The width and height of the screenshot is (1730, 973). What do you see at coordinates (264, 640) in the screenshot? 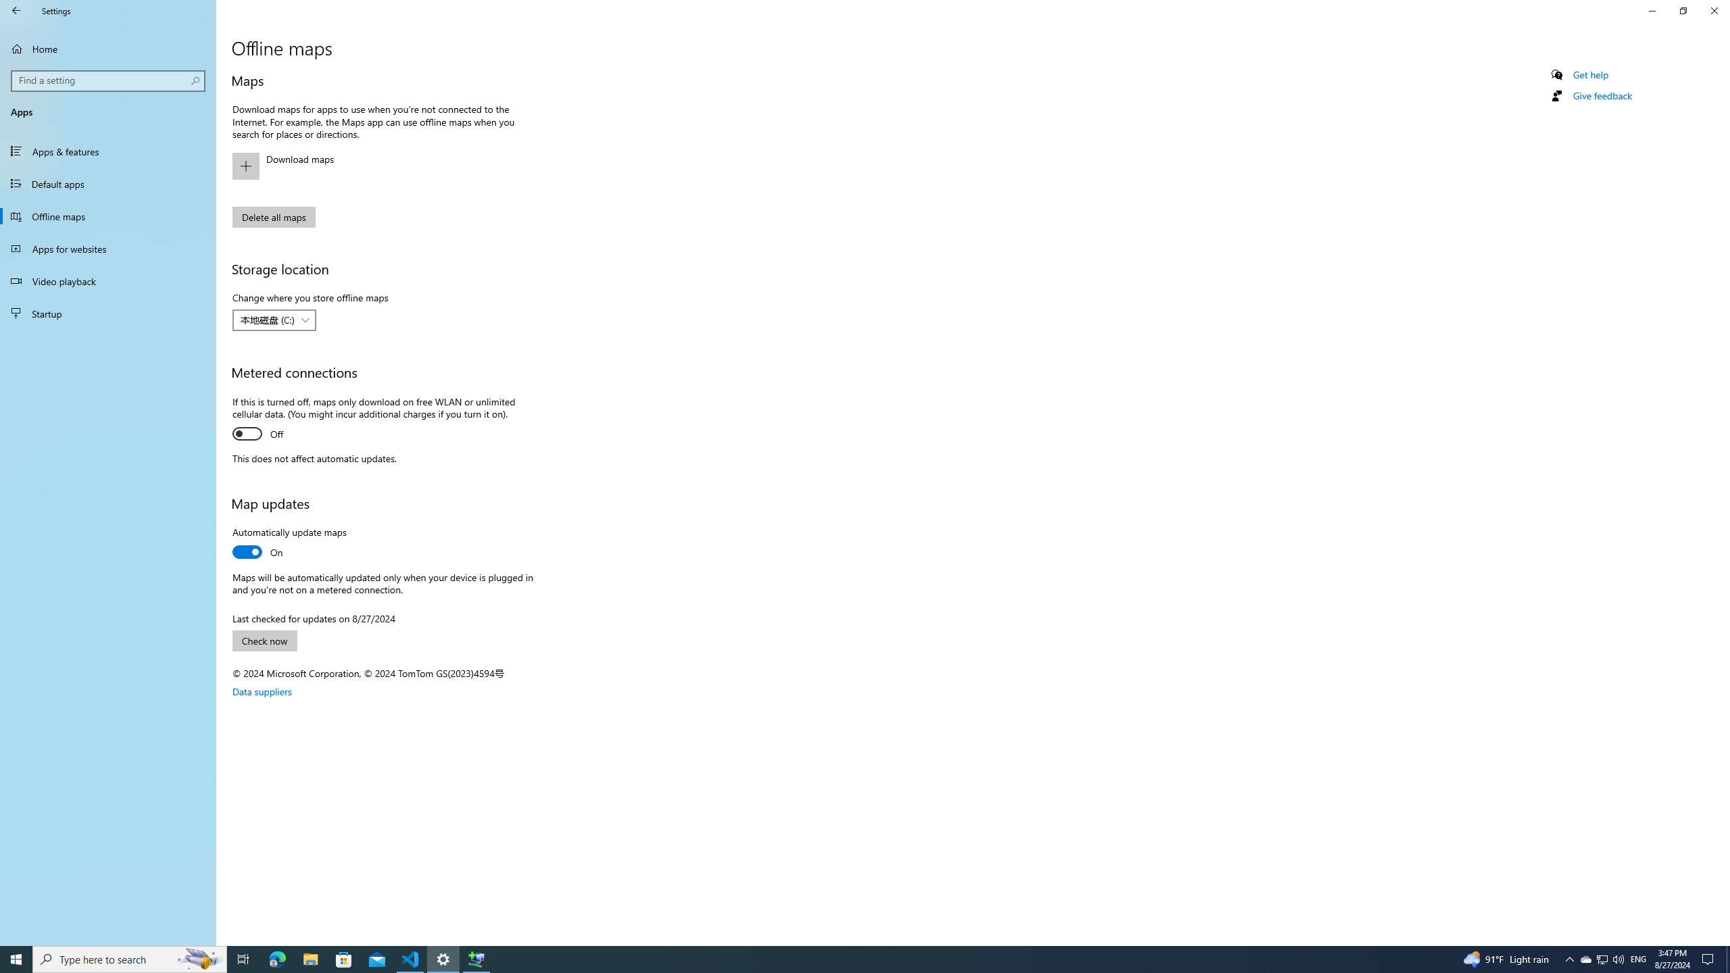
I see `'Check now'` at bounding box center [264, 640].